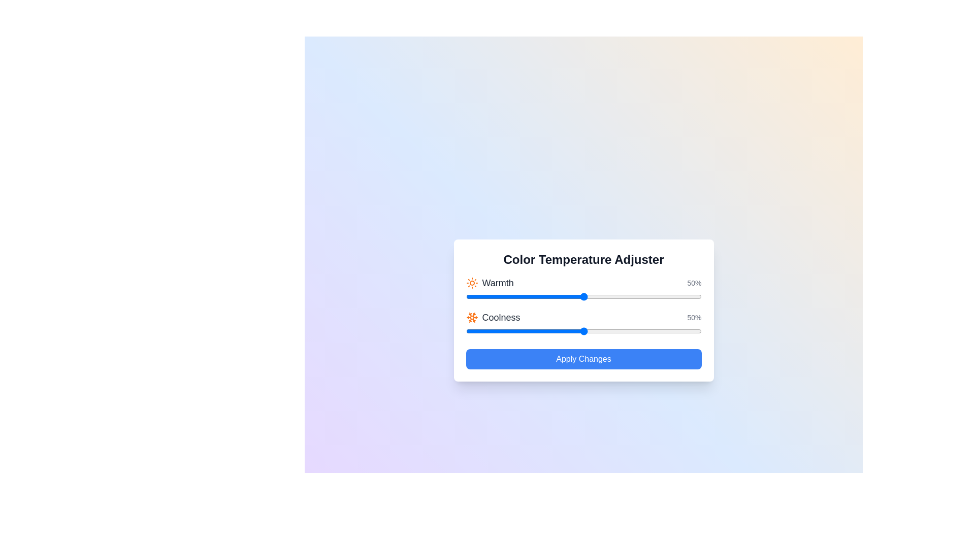 The height and width of the screenshot is (548, 975). I want to click on the 'Coolness' slider to 47%, so click(576, 331).